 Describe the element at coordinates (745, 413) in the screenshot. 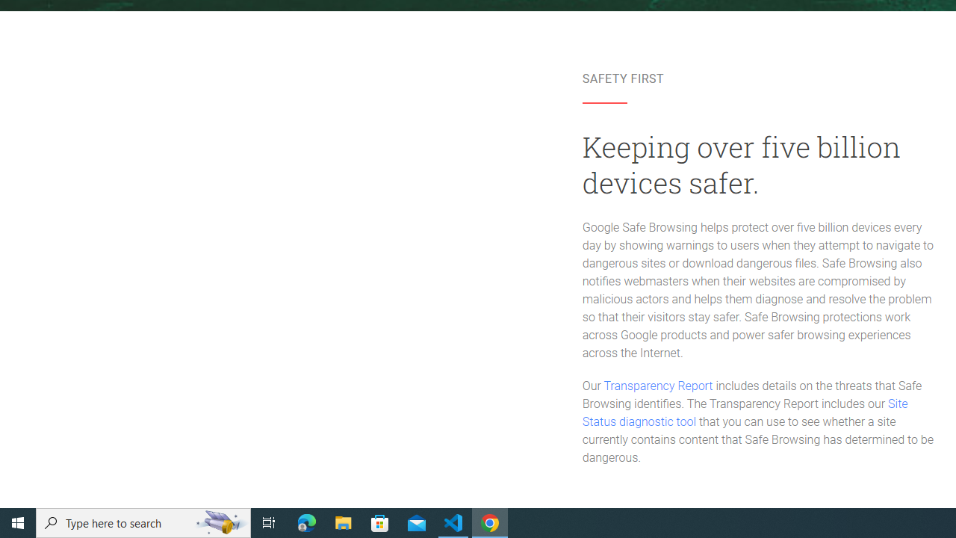

I see `'Site Status diagnostic tool'` at that location.